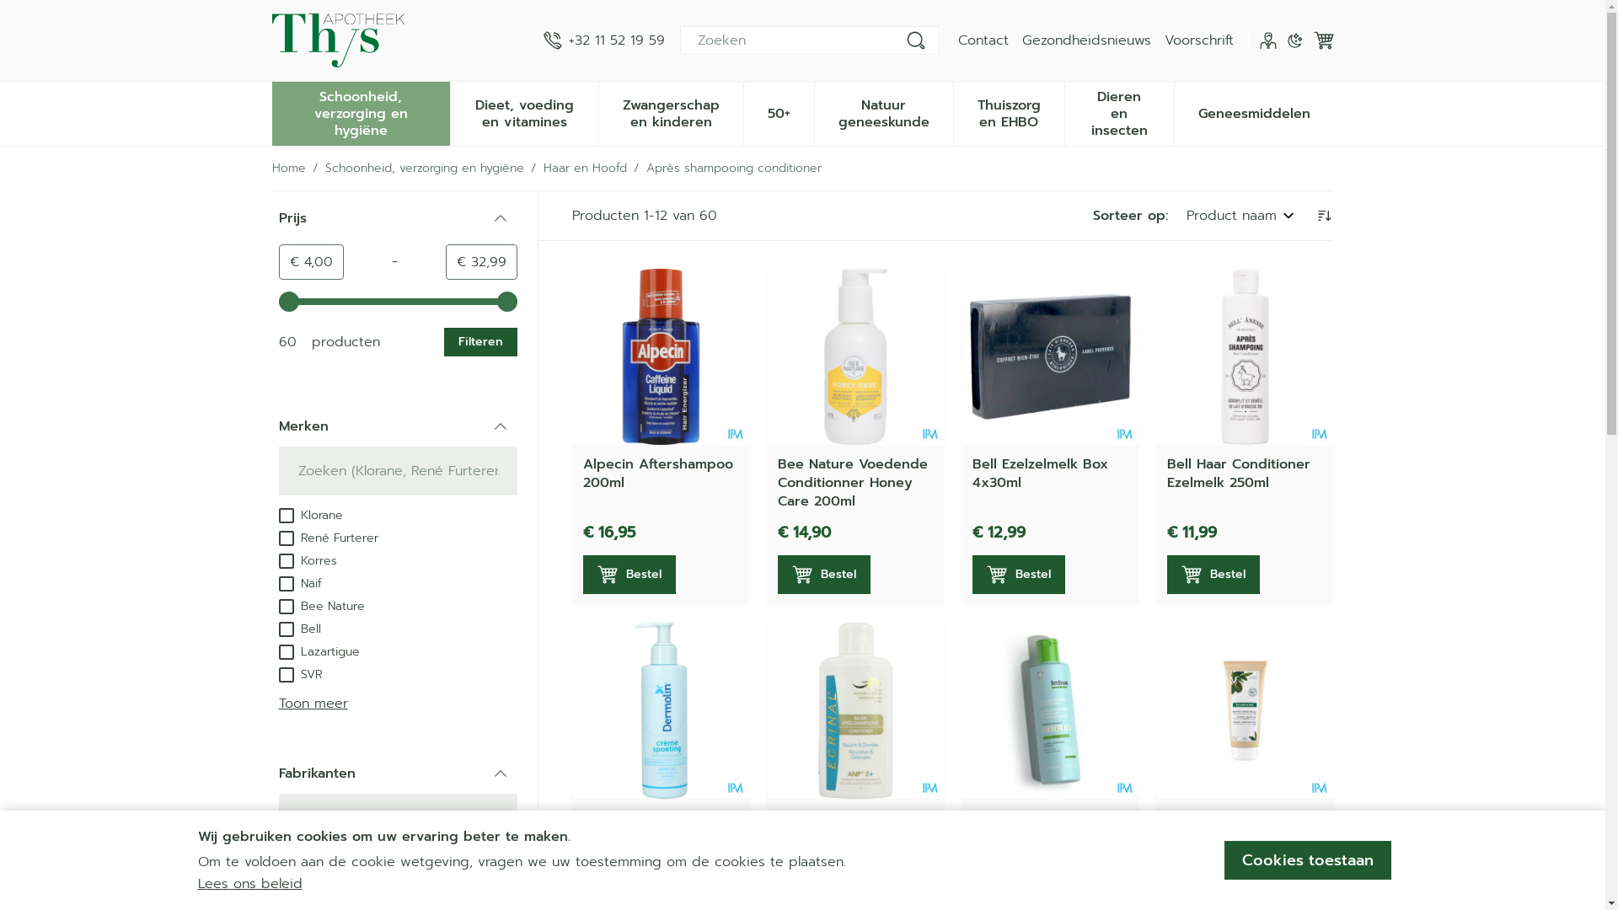 This screenshot has height=910, width=1618. Describe the element at coordinates (299, 581) in the screenshot. I see `'Naif'` at that location.